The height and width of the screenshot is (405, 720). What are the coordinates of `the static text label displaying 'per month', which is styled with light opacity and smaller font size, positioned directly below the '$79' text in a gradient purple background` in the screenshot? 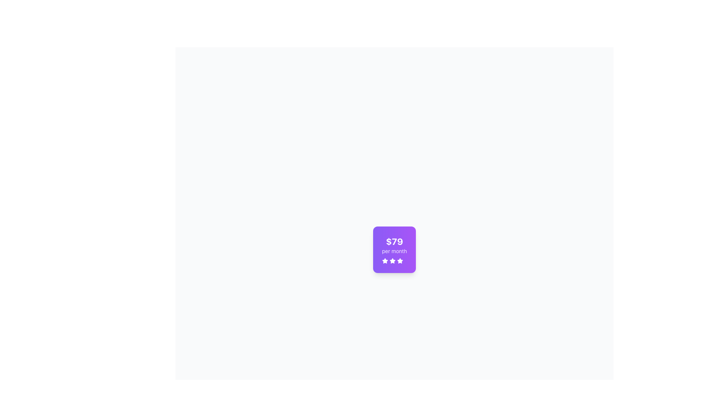 It's located at (394, 251).